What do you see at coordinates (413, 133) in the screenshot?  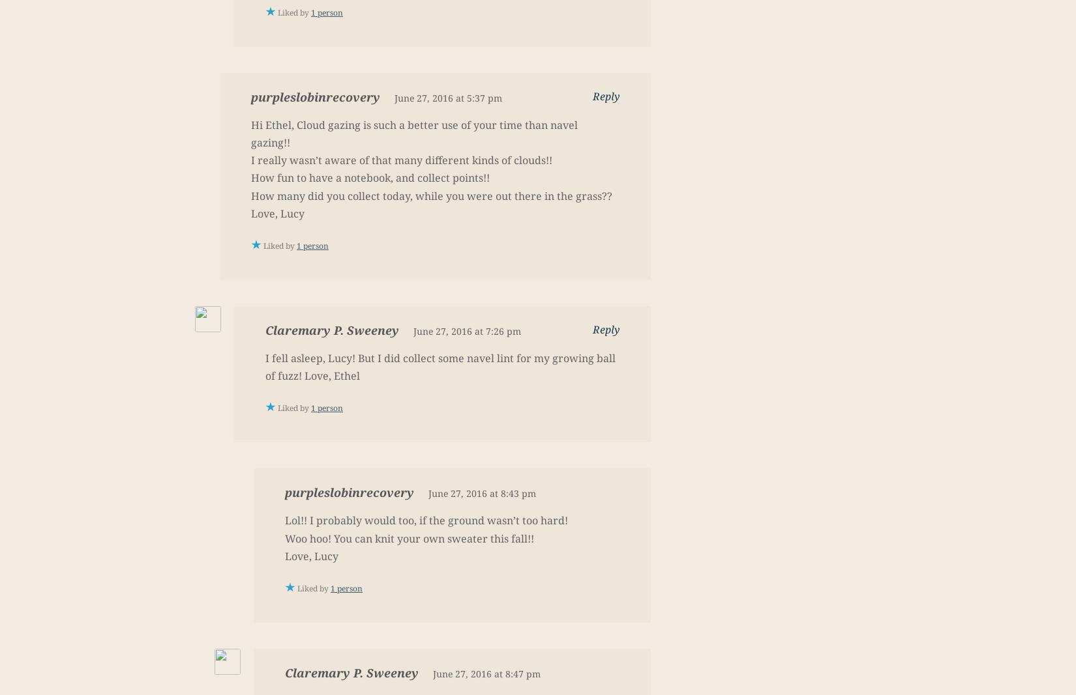 I see `'Hi Ethel,  Cloud gazing is such a better use of your time than navel gazing!!'` at bounding box center [413, 133].